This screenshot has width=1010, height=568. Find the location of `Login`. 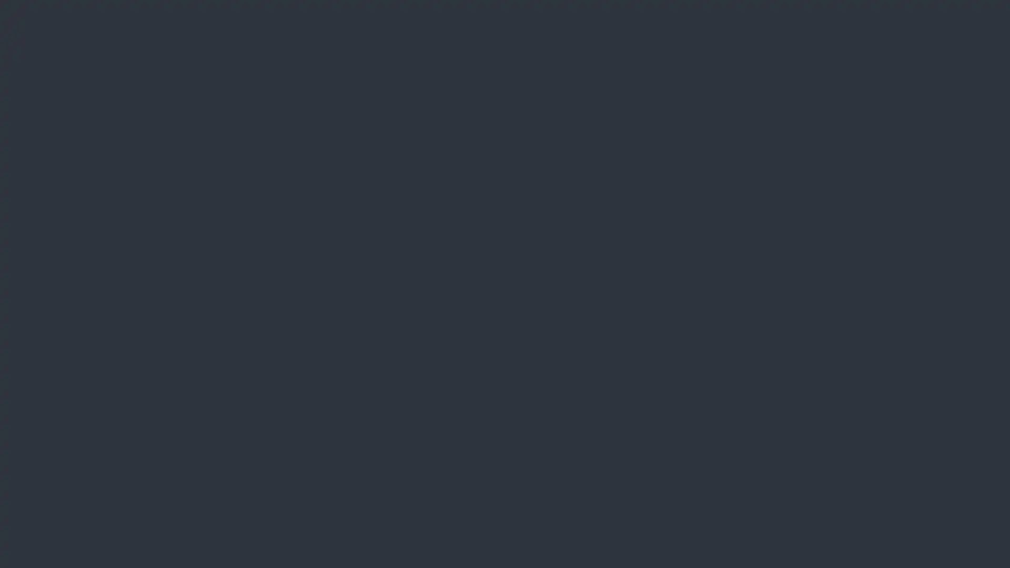

Login is located at coordinates (505, 308).